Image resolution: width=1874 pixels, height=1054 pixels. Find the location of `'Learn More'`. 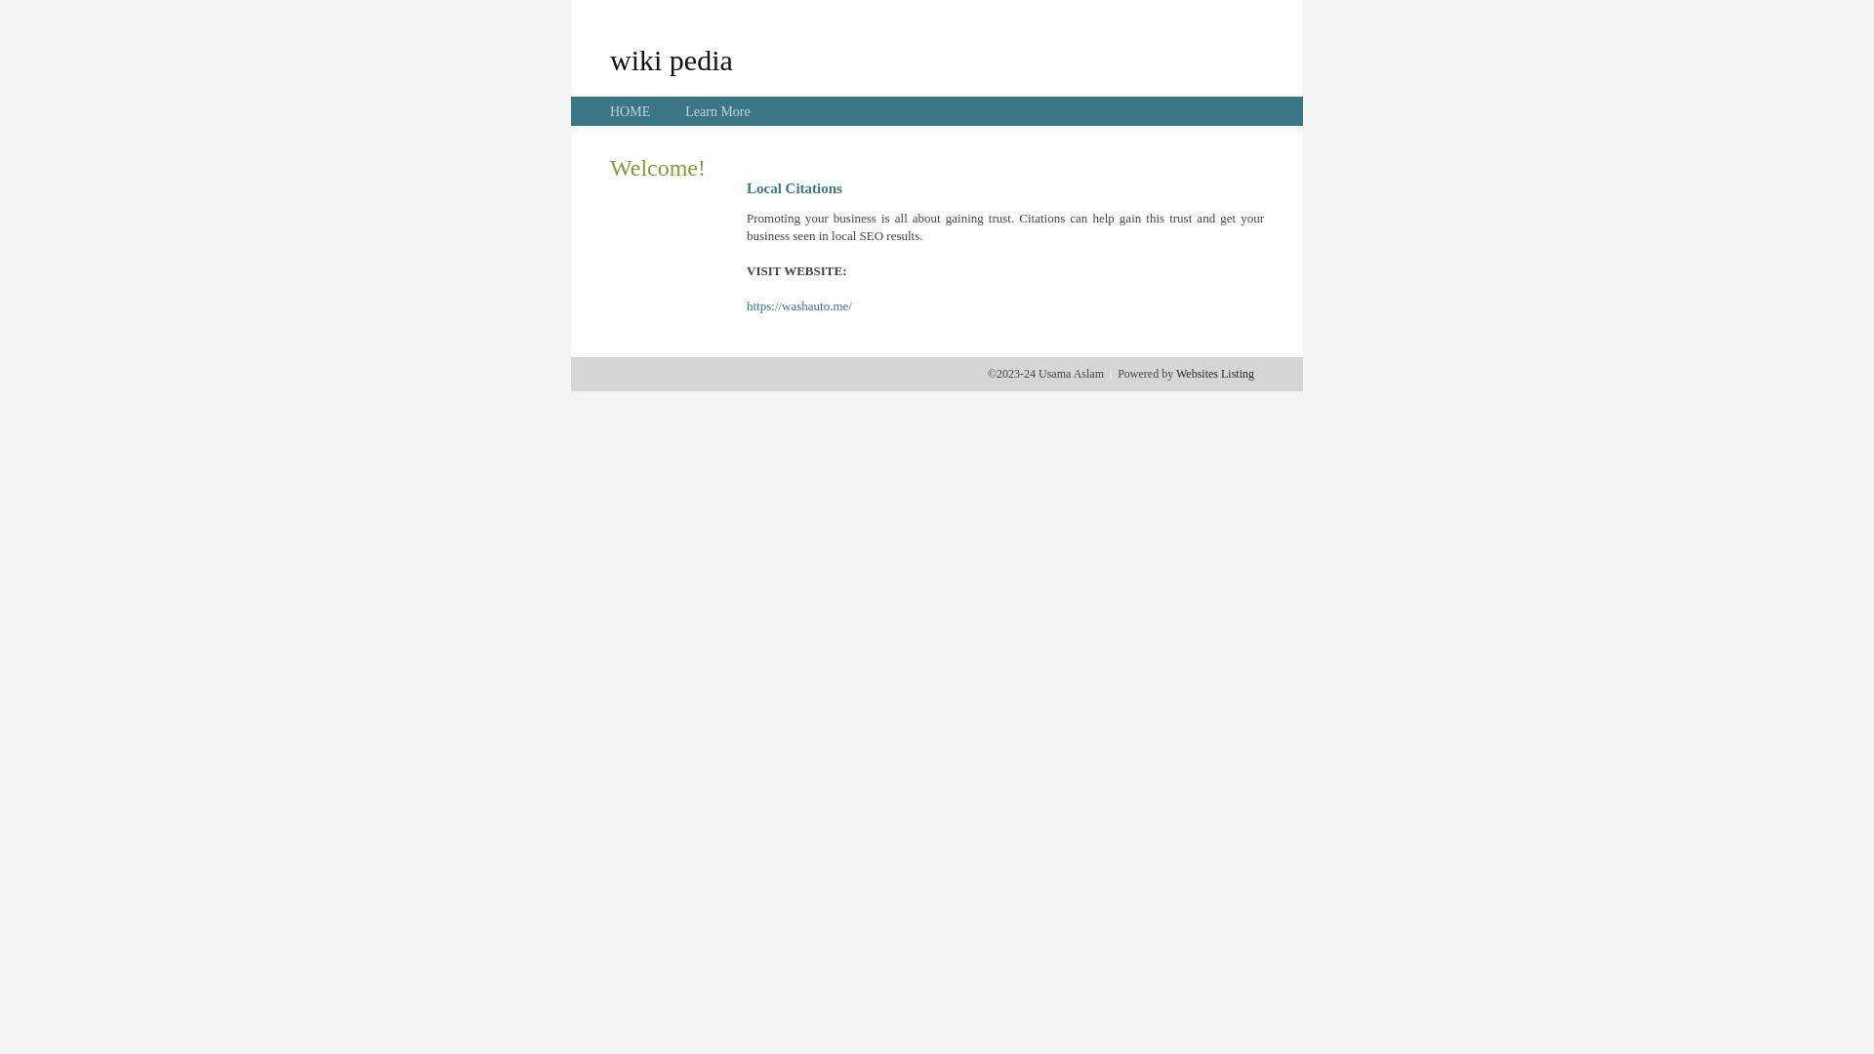

'Learn More' is located at coordinates (715, 111).